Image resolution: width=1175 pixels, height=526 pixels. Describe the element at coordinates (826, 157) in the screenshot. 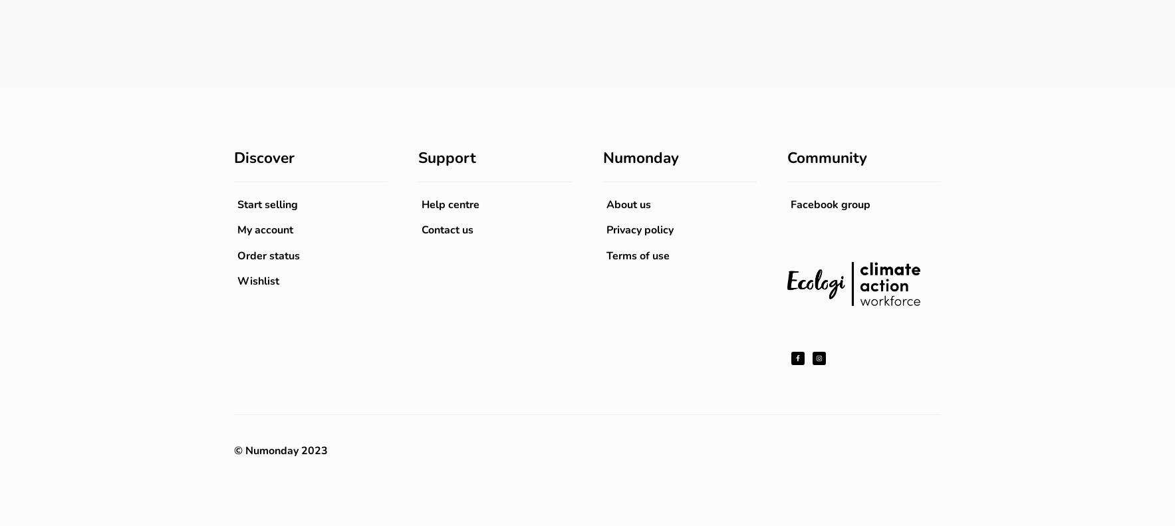

I see `'Community'` at that location.